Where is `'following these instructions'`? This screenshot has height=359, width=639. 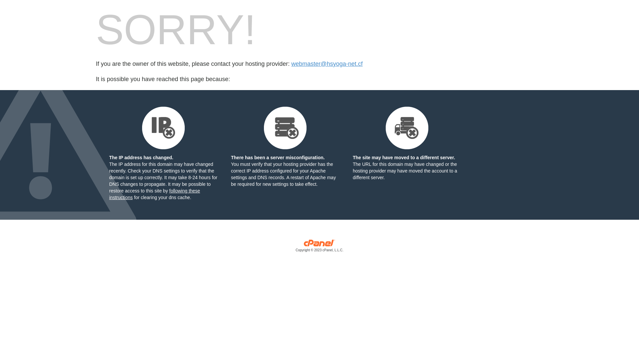
'following these instructions' is located at coordinates (154, 194).